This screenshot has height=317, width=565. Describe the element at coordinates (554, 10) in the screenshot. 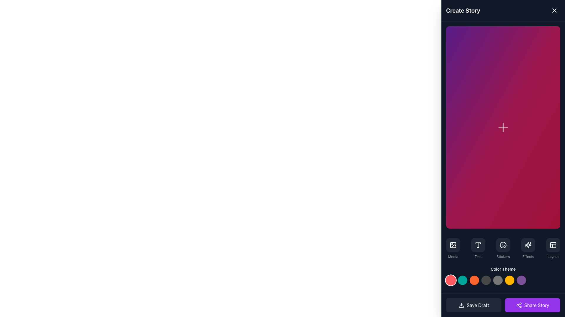

I see `the 'X' close icon located in the top-right corner of the interface` at that location.